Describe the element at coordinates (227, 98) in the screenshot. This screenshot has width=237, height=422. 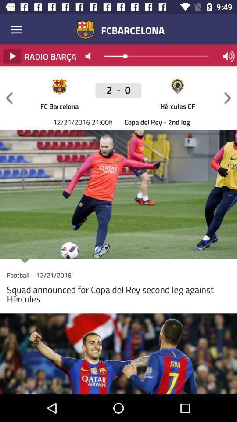
I see `the icon above the copa del rey` at that location.